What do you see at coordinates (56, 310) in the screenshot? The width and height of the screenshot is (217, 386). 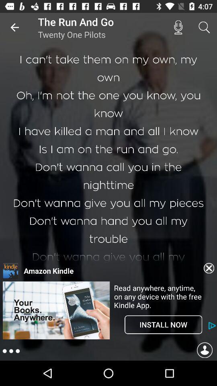 I see `advertisement area` at bounding box center [56, 310].